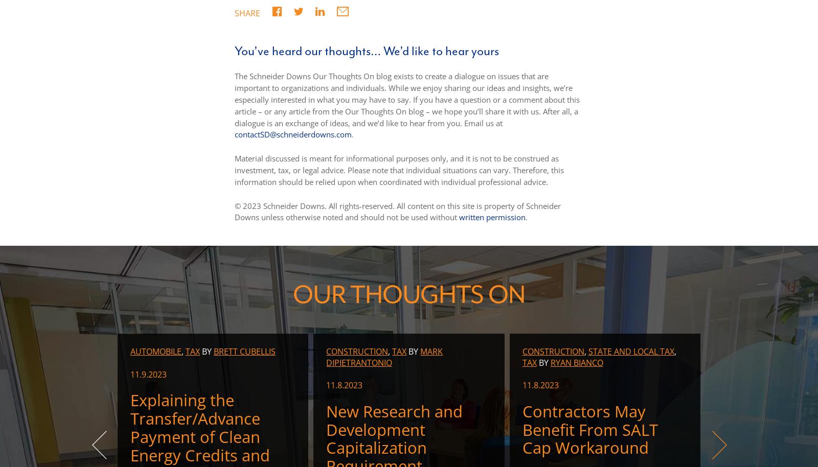 The image size is (818, 467). Describe the element at coordinates (234, 169) in the screenshot. I see `'Material discussed is meant for informational purposes only, and it is not to be construed as investment, tax, or legal advice. Please note that individual situations can vary. Therefore, this information should be relied upon when coordinated with individual professional advice.'` at that location.